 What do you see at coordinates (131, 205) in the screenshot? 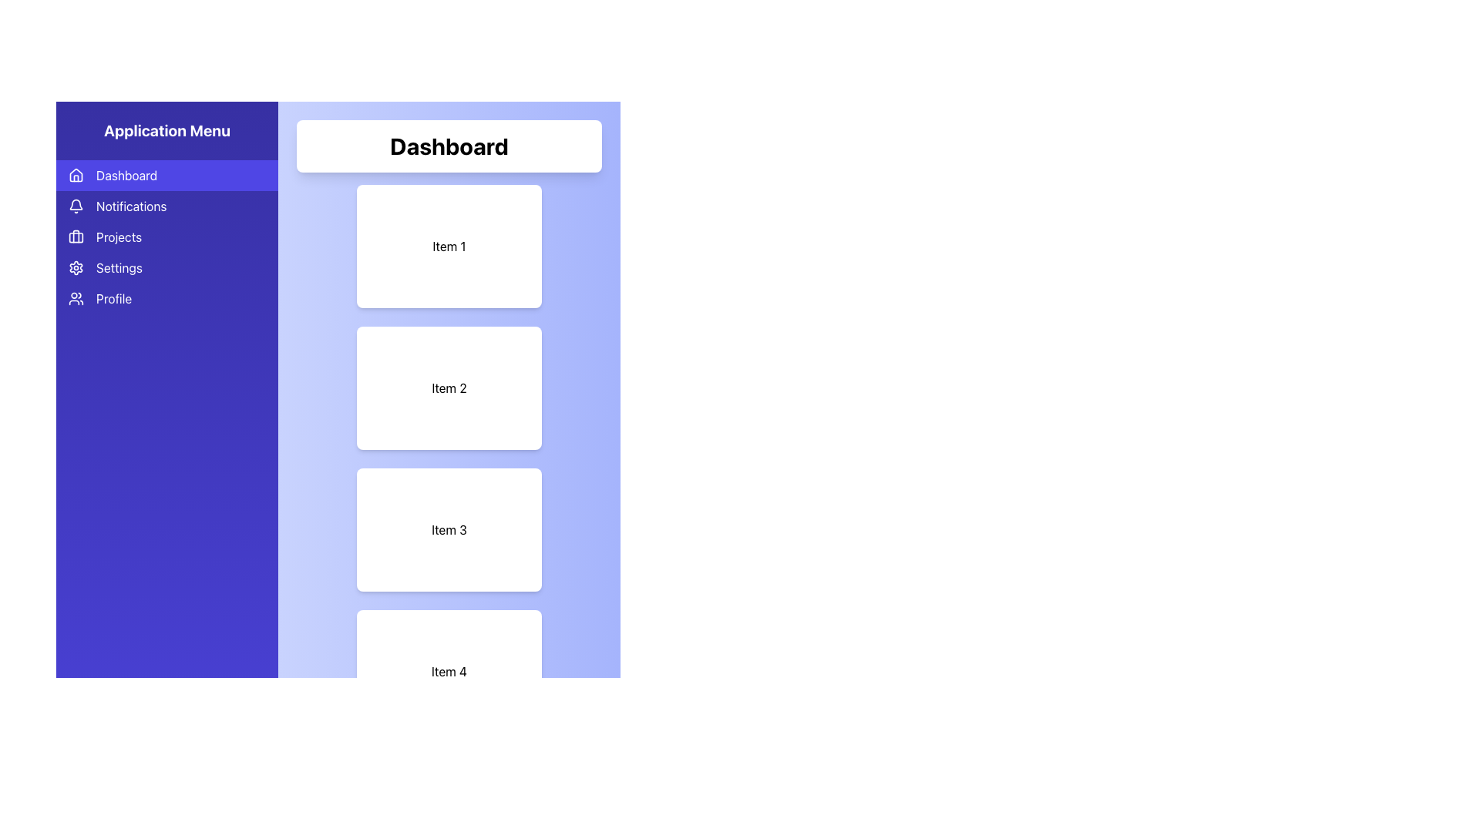
I see `the 'Notifications' menu item located in the second position of the vertical menu list in the left sidebar, below 'Dashboard' and above 'Projects'` at bounding box center [131, 205].